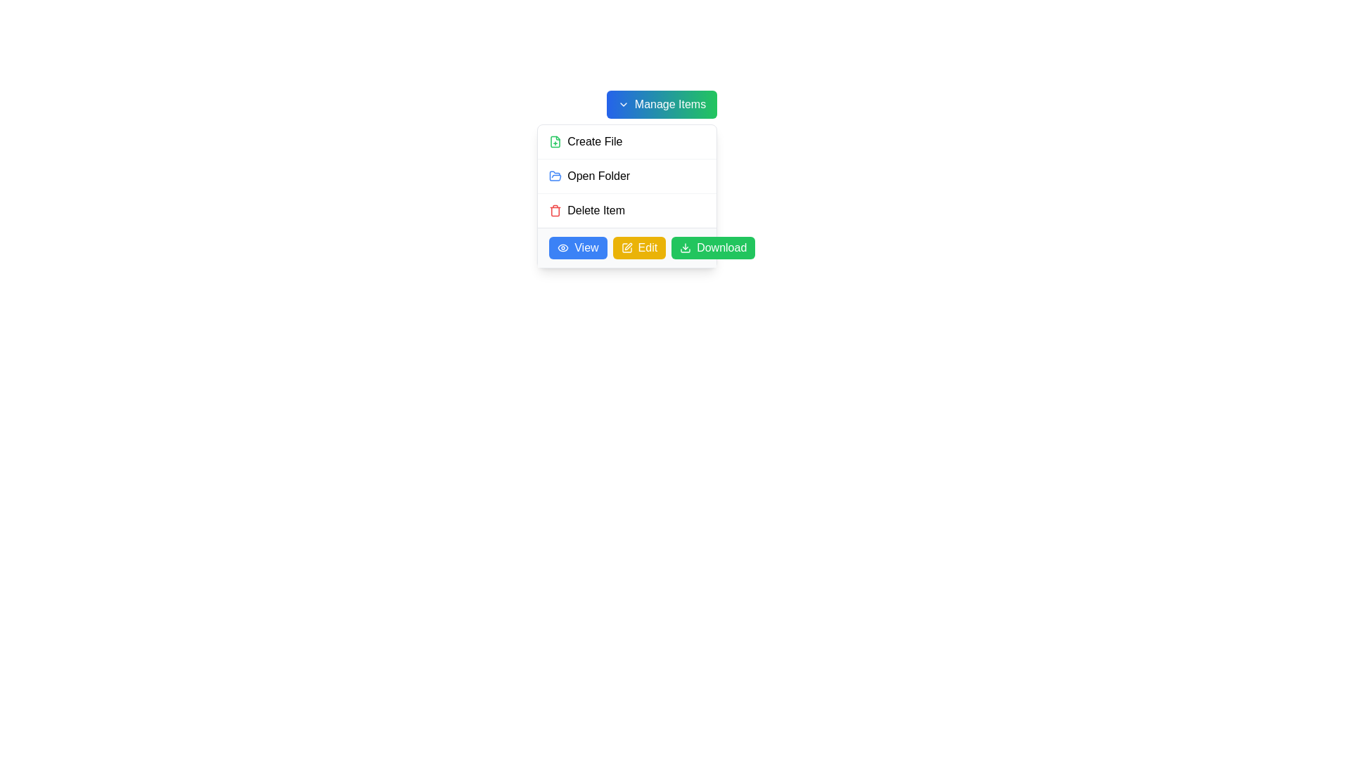 The height and width of the screenshot is (759, 1350). Describe the element at coordinates (578, 247) in the screenshot. I see `the blue rectangular button labeled 'View' with an eye icon` at that location.